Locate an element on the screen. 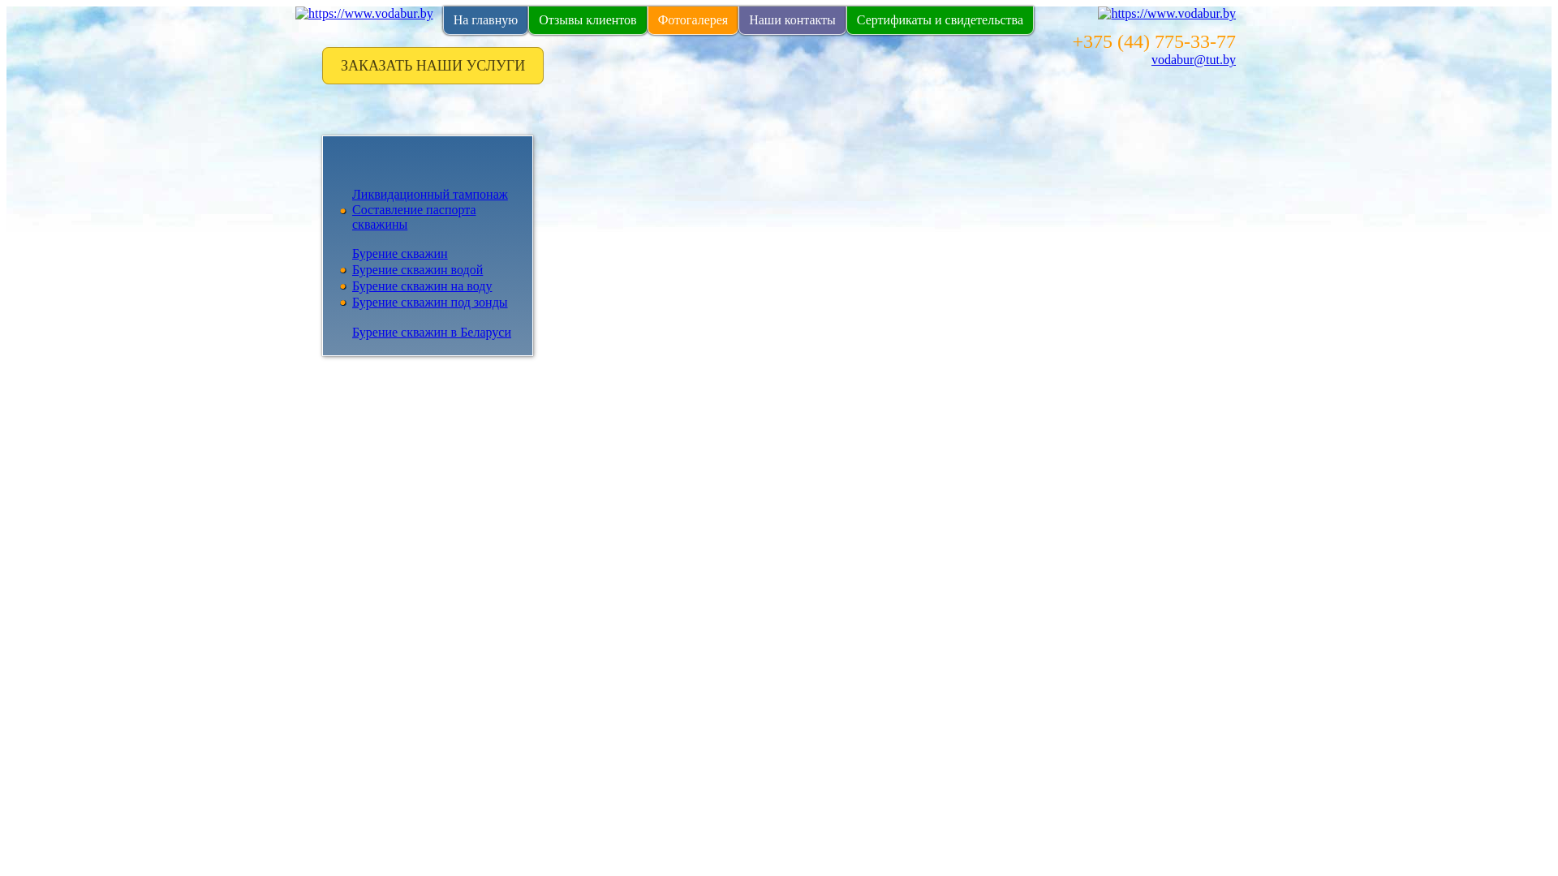 The image size is (1558, 876). 'https://www.vodabur.by' is located at coordinates (364, 13).